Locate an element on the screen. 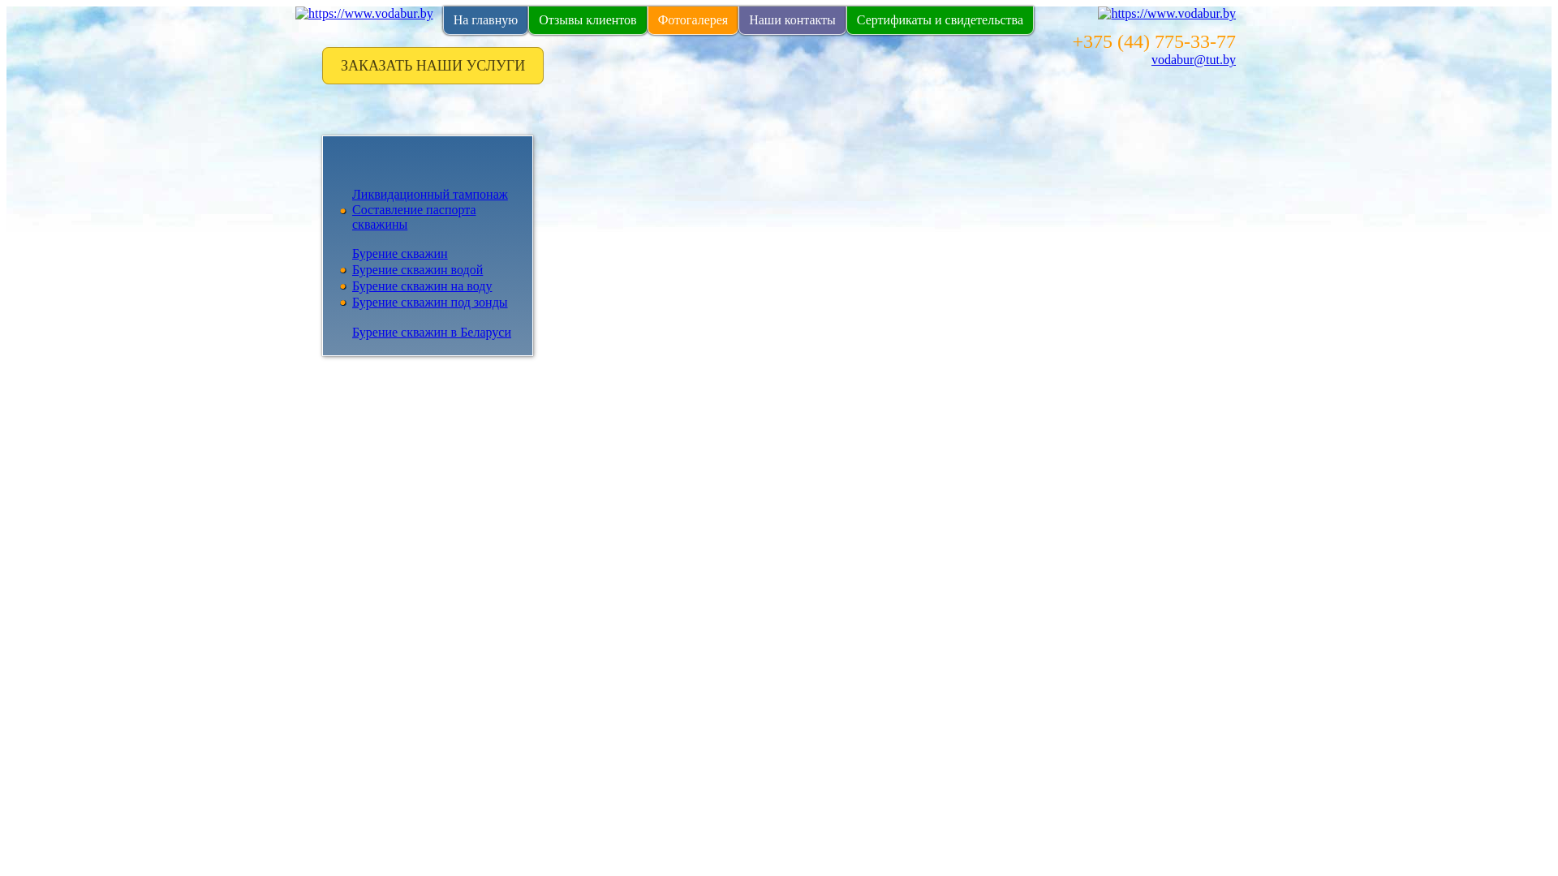 The image size is (1558, 876). 'https://www.vodabur.by' is located at coordinates (364, 13).